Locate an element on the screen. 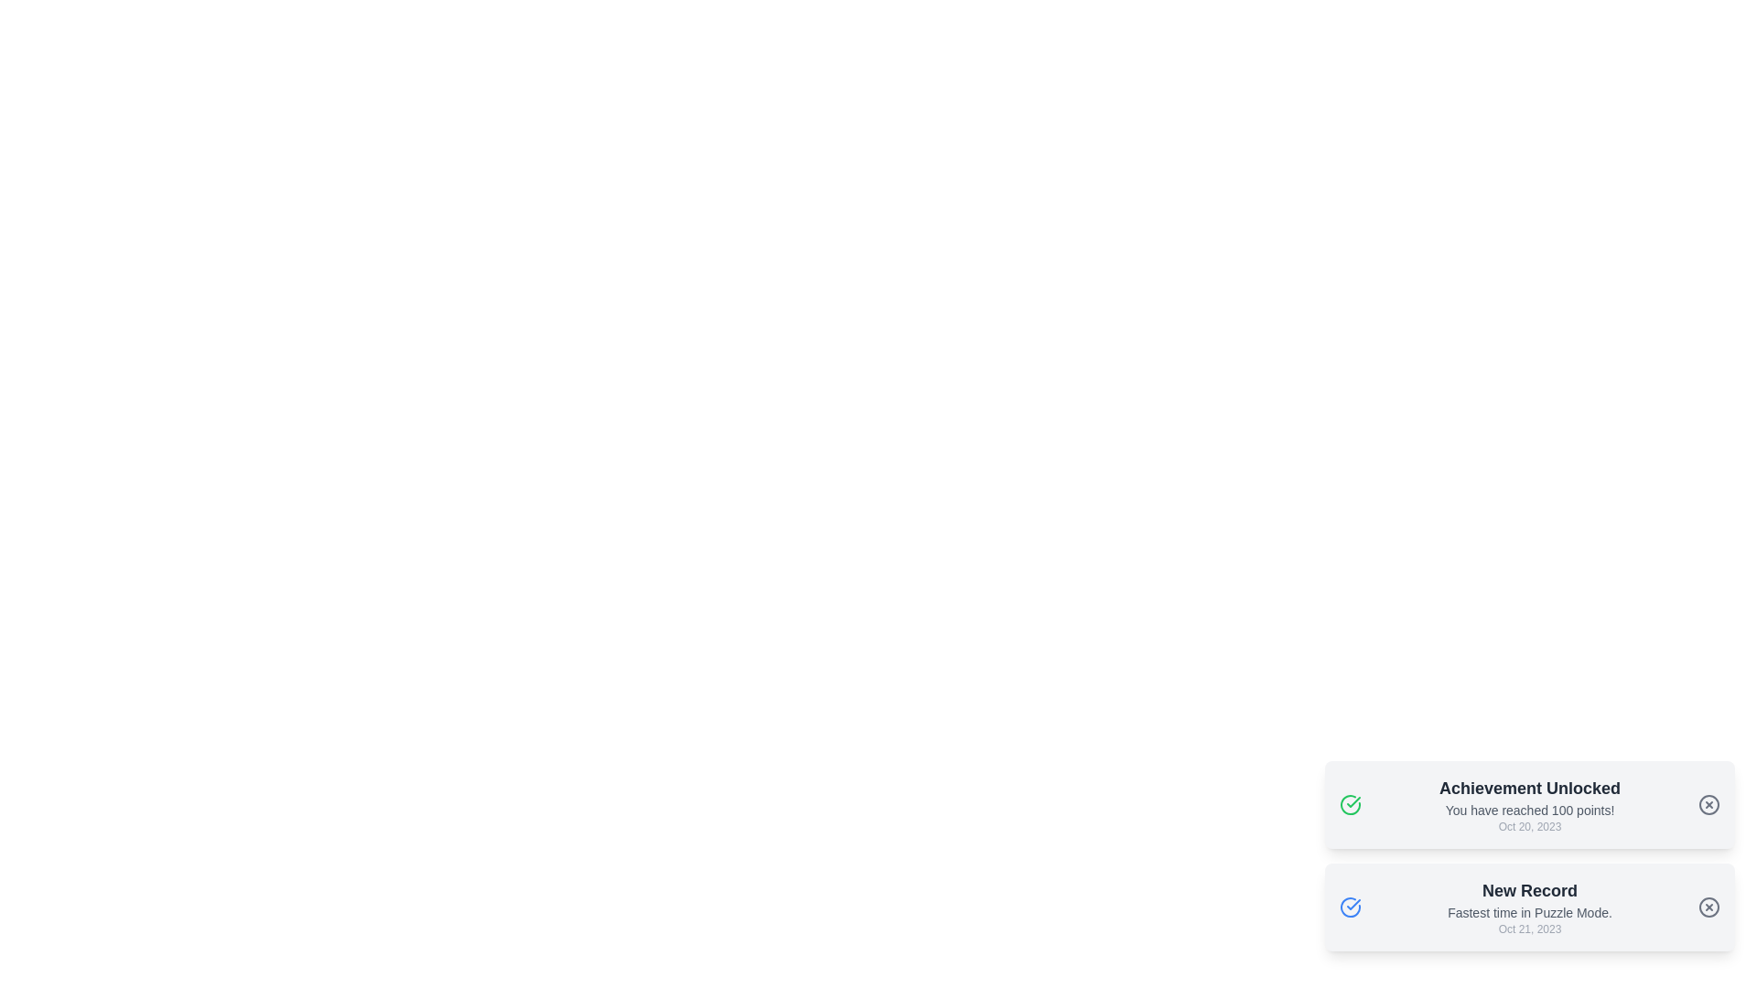 Image resolution: width=1757 pixels, height=988 pixels. the text block within the notification card that displays 'Achievement Unlocked' is located at coordinates (1529, 803).